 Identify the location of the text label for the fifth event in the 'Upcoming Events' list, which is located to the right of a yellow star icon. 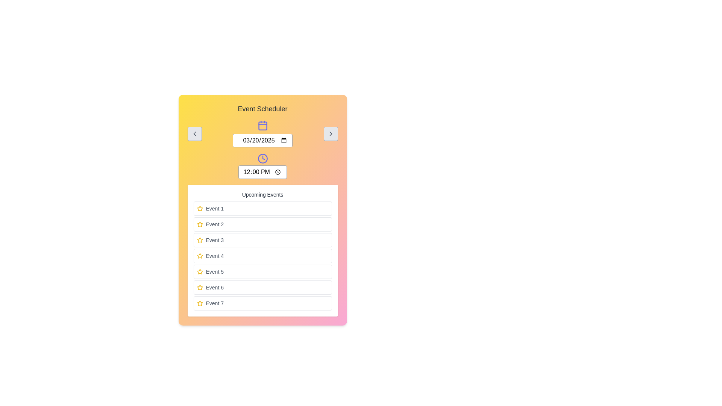
(214, 271).